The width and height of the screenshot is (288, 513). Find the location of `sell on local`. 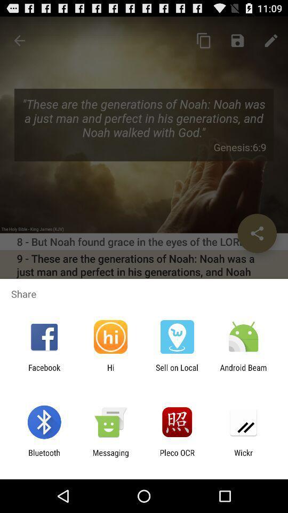

sell on local is located at coordinates (177, 372).